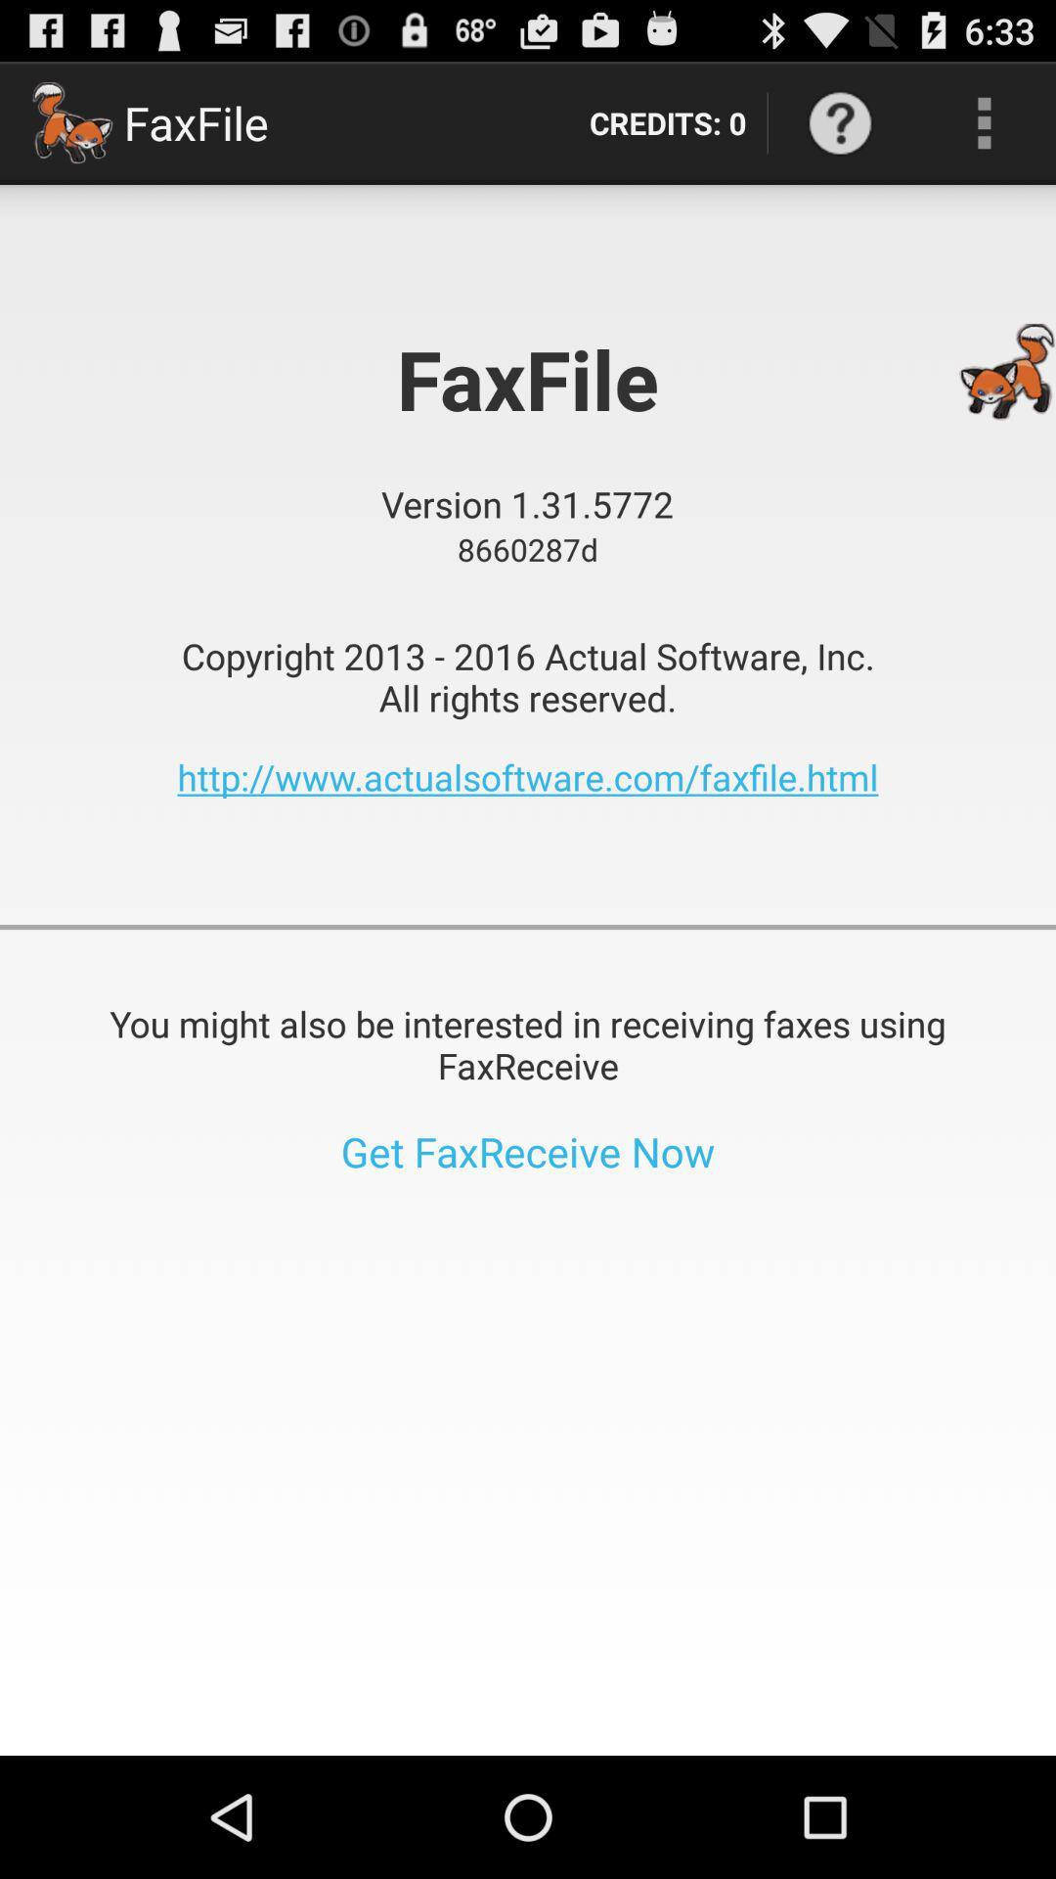  I want to click on the item next to the faxfile app, so click(667, 121).